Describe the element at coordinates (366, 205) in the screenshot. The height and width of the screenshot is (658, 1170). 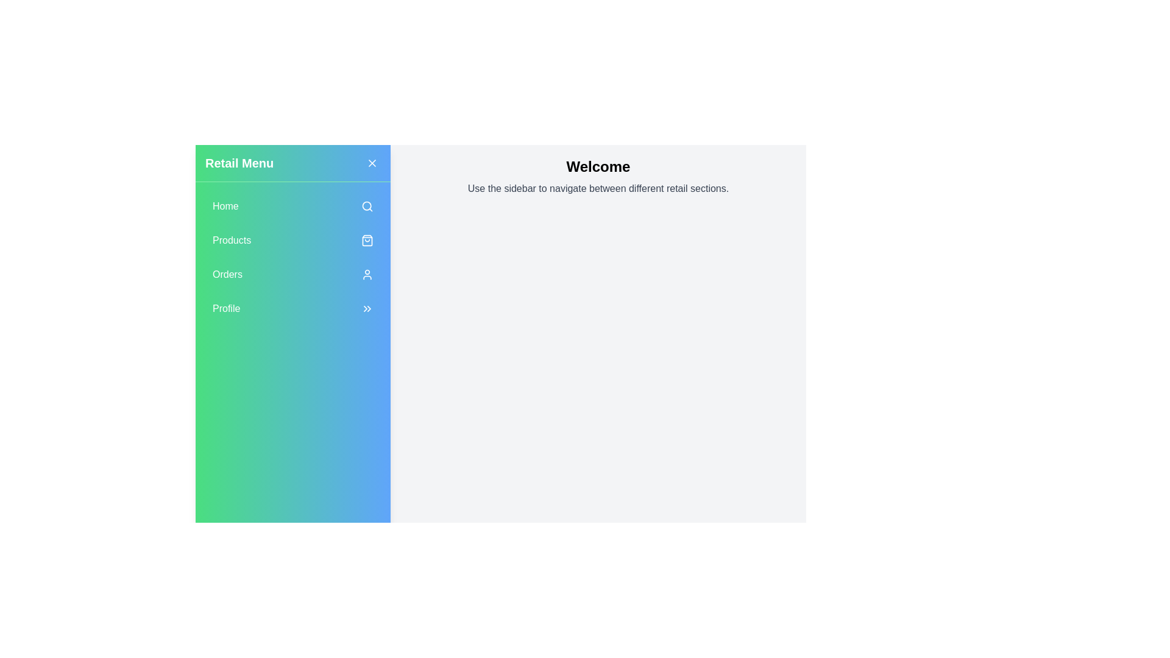
I see `the magnifying glass icon located in the sidebar next to the 'Home' text to invoke a search operation` at that location.